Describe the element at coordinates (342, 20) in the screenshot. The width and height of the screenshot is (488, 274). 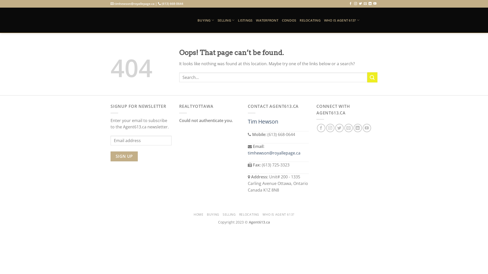
I see `'WHO IS AGENT 613?'` at that location.